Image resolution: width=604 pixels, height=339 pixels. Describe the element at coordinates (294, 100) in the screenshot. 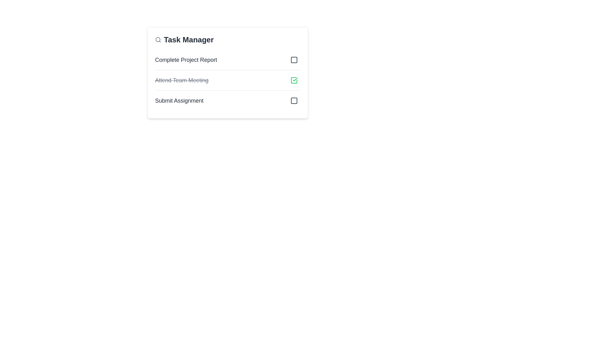

I see `the small, square-shaped button with rounded corners and a square icon, located to the right of the 'Submit Assignment' text, which is the third button in the list` at that location.